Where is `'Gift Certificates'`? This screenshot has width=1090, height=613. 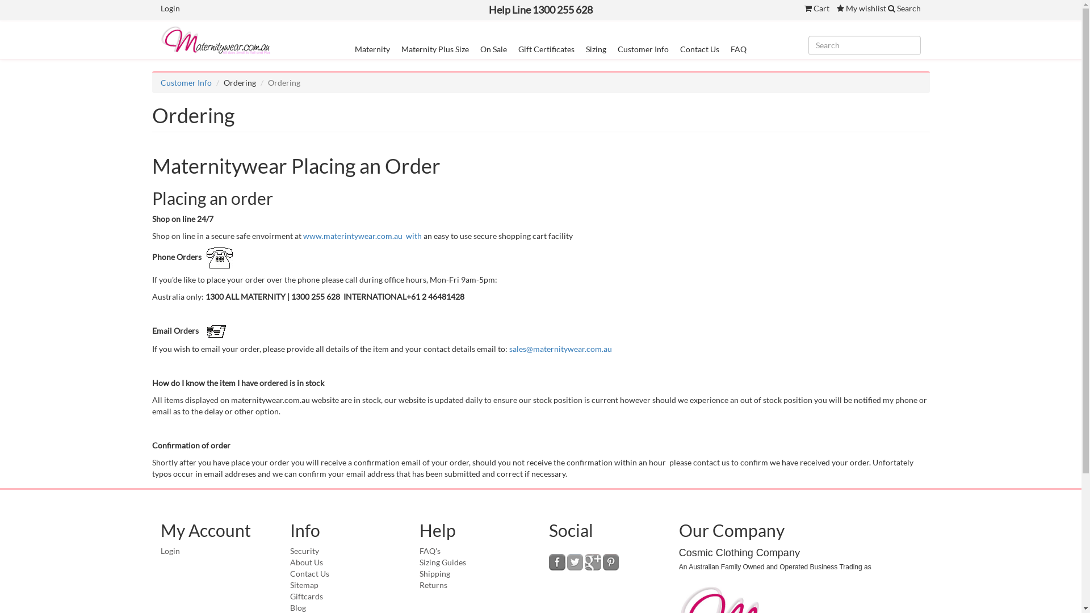 'Gift Certificates' is located at coordinates (517, 48).